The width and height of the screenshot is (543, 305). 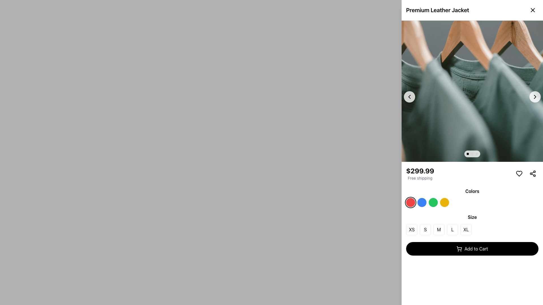 I want to click on the 'Add to Cart' icon located to the left of the button's text, which visually represents the 'Add to Cart' functionality, so click(x=459, y=248).